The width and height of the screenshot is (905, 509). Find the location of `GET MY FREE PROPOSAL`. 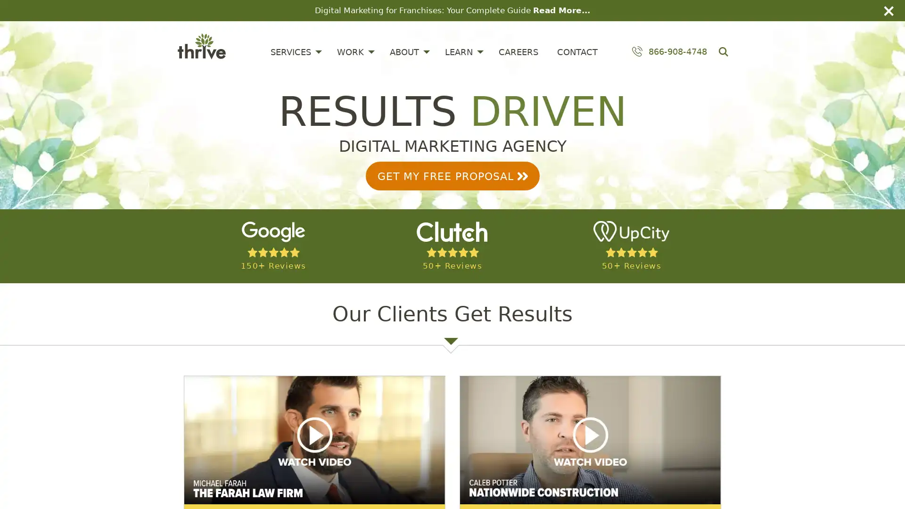

GET MY FREE PROPOSAL is located at coordinates (452, 176).